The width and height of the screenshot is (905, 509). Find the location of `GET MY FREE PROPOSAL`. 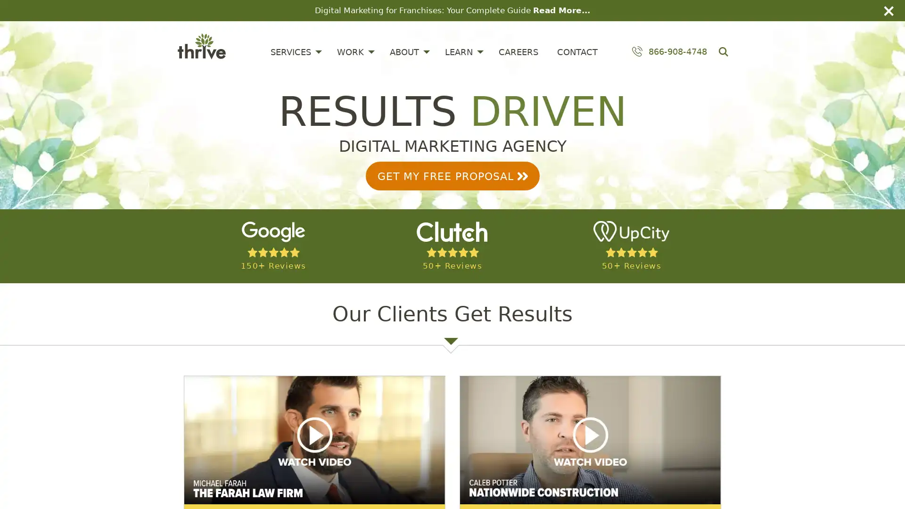

GET MY FREE PROPOSAL is located at coordinates (452, 176).